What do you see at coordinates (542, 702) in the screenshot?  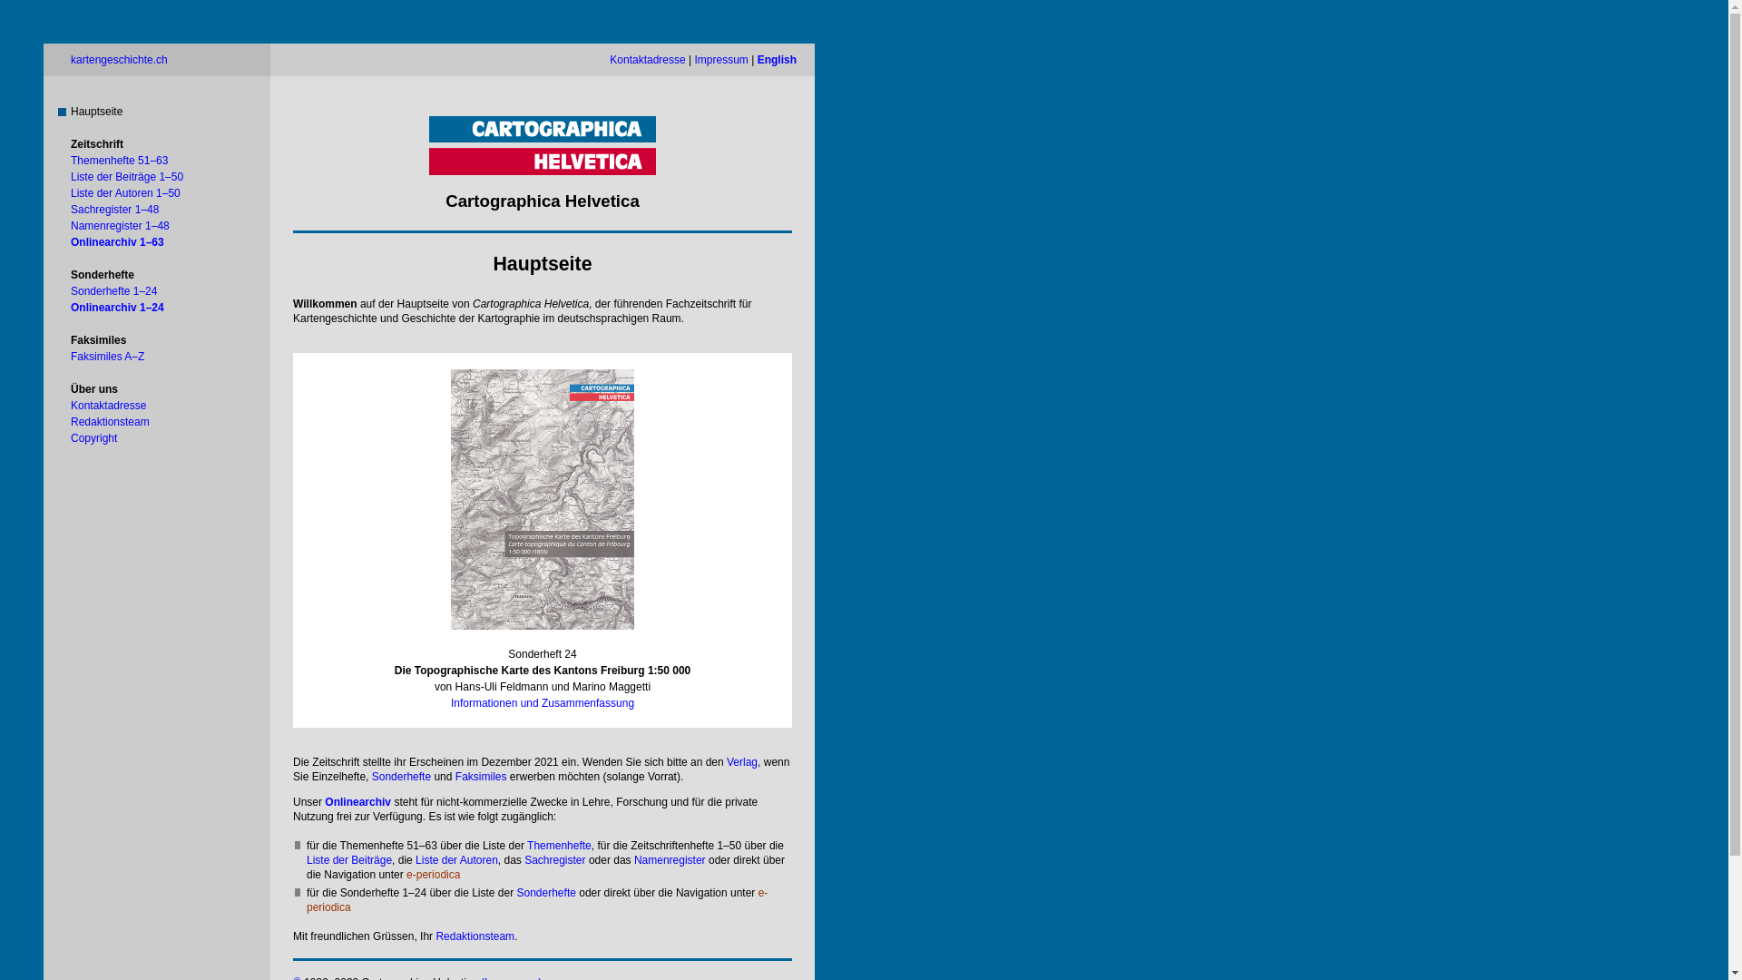 I see `'Informationen und Zusammenfassung'` at bounding box center [542, 702].